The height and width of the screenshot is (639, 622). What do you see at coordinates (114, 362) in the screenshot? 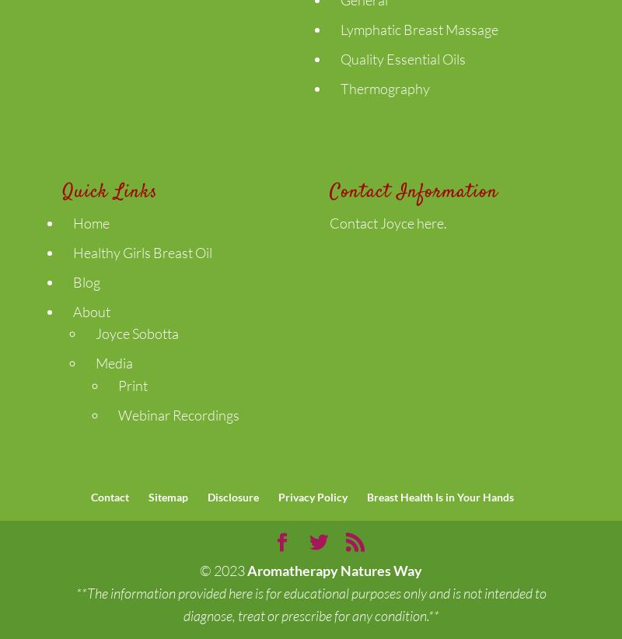
I see `'Media'` at bounding box center [114, 362].